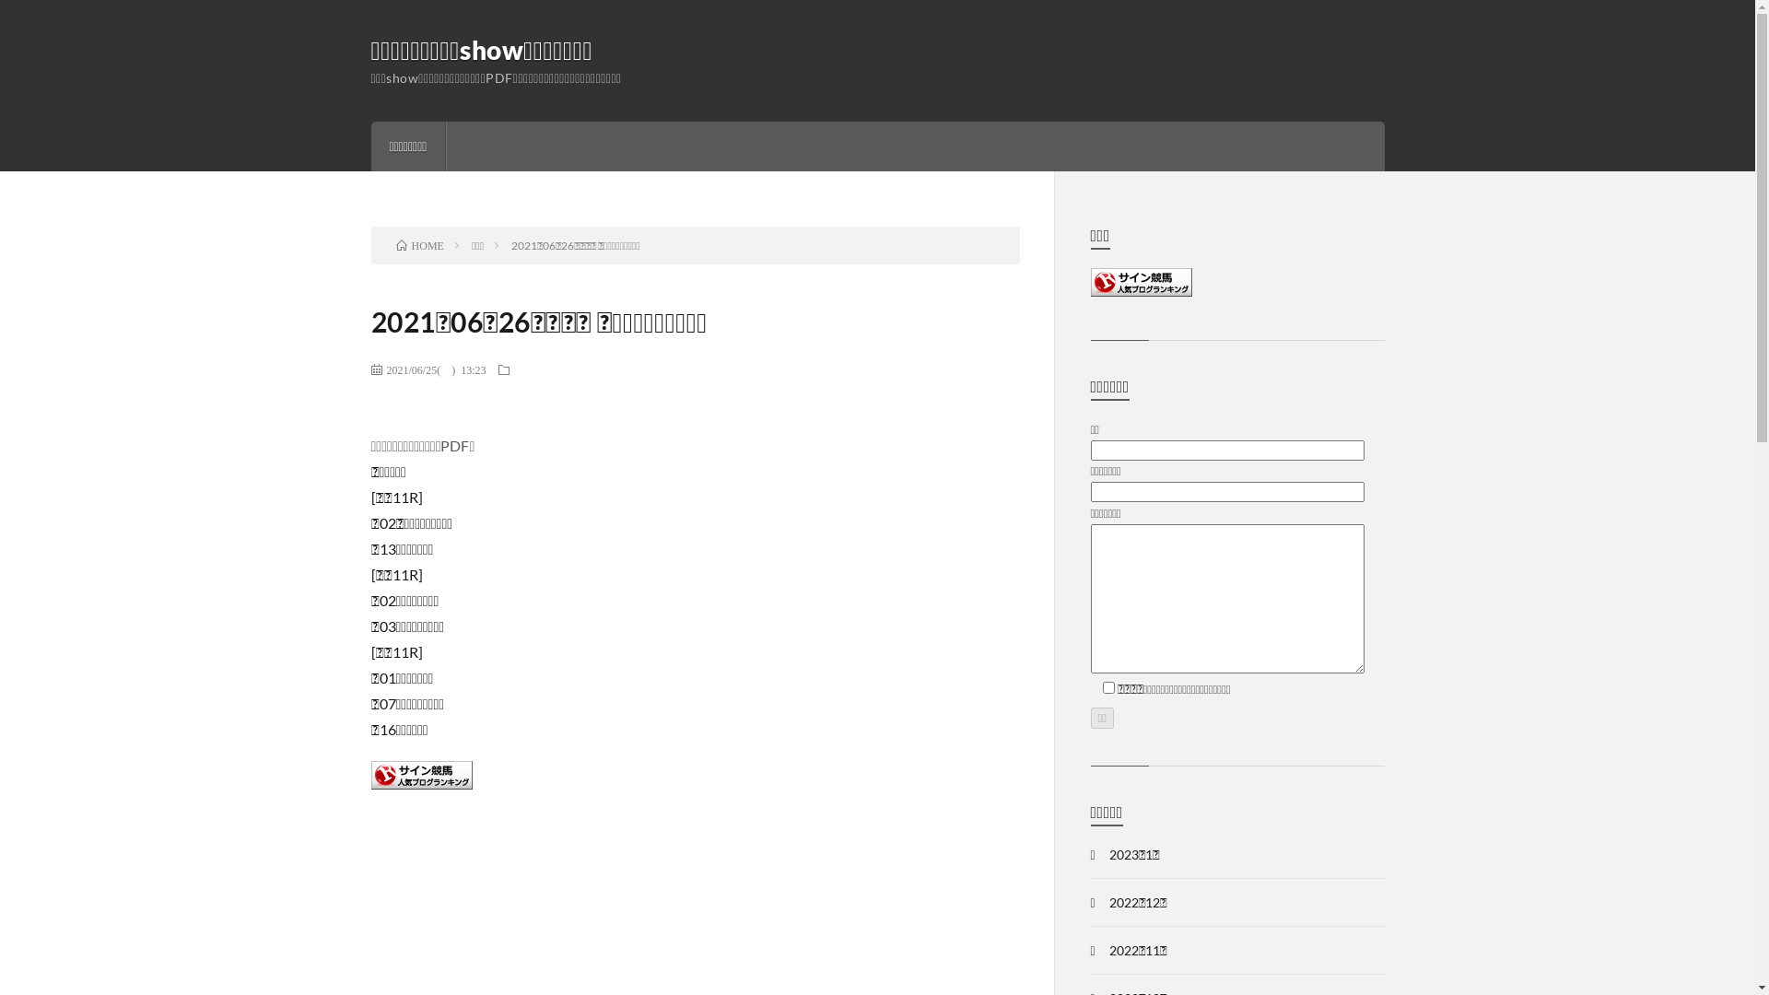 Image resolution: width=1769 pixels, height=995 pixels. Describe the element at coordinates (419, 244) in the screenshot. I see `'HOME'` at that location.